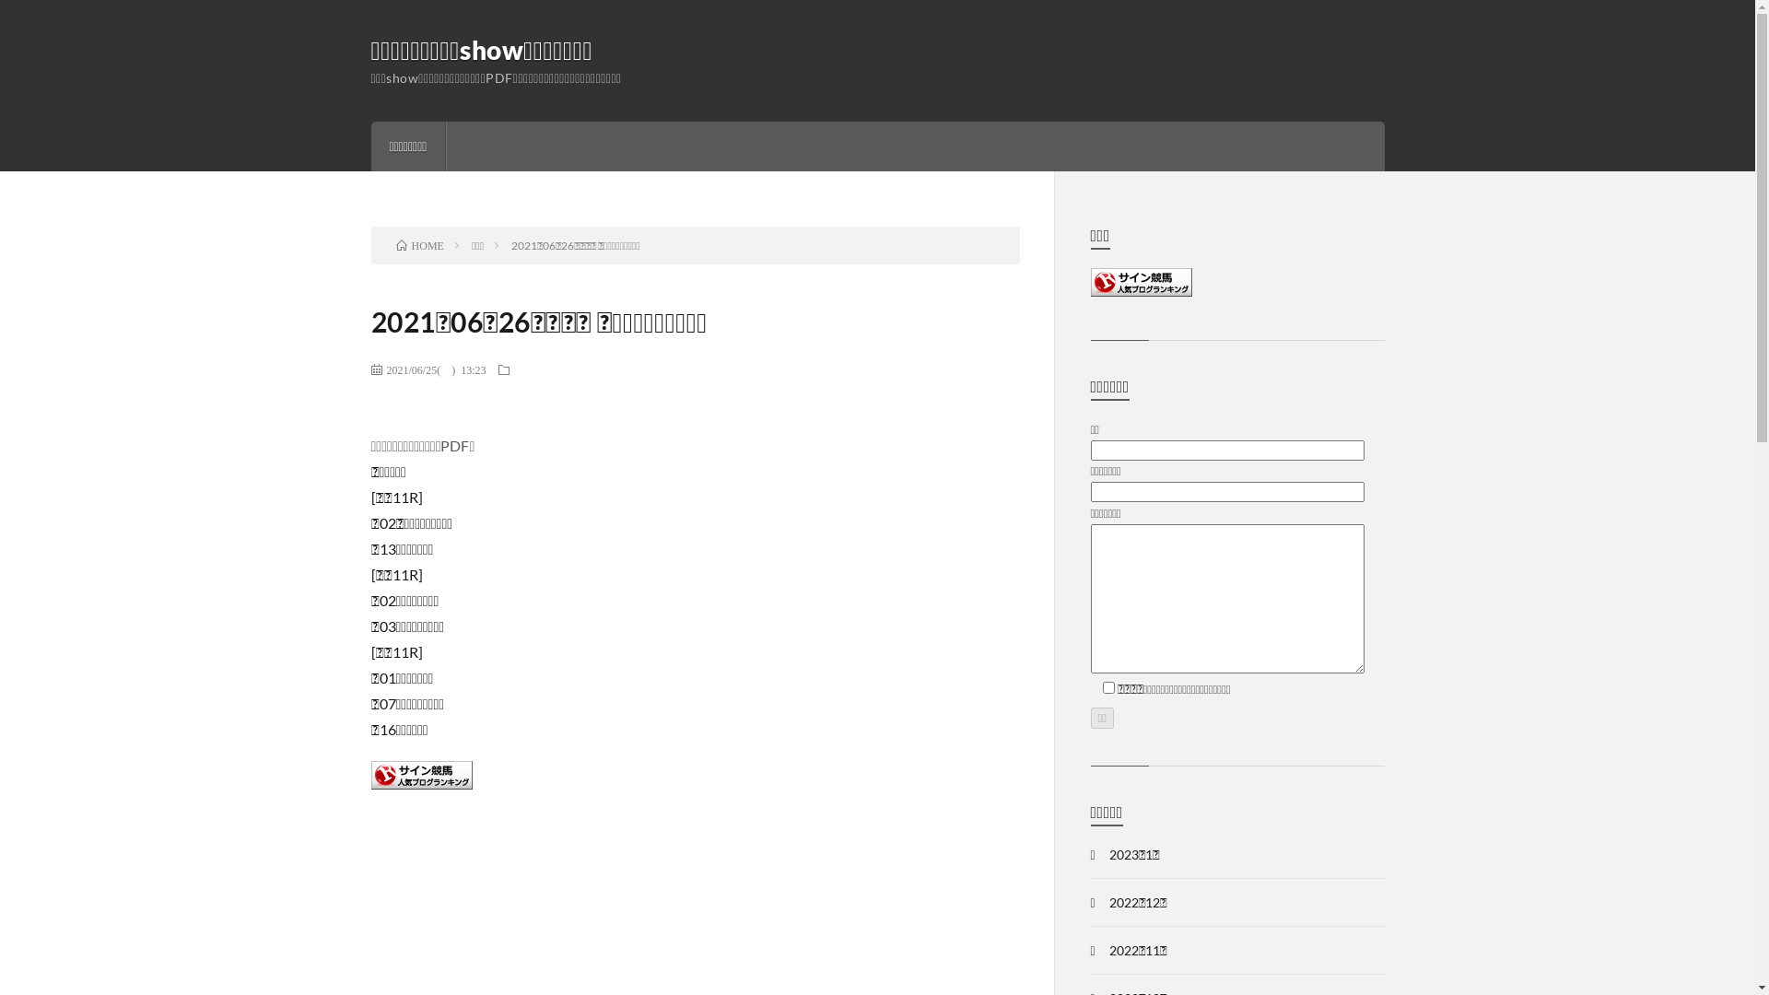 Image resolution: width=1769 pixels, height=995 pixels. Describe the element at coordinates (419, 244) in the screenshot. I see `'HOME'` at that location.